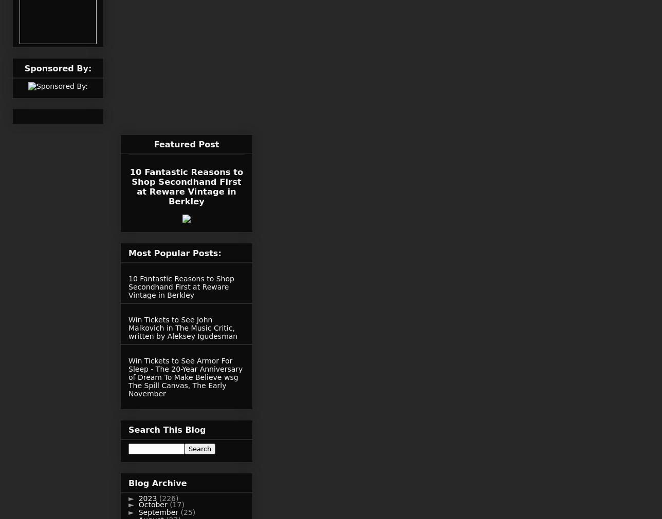  I want to click on 'September', so click(159, 512).